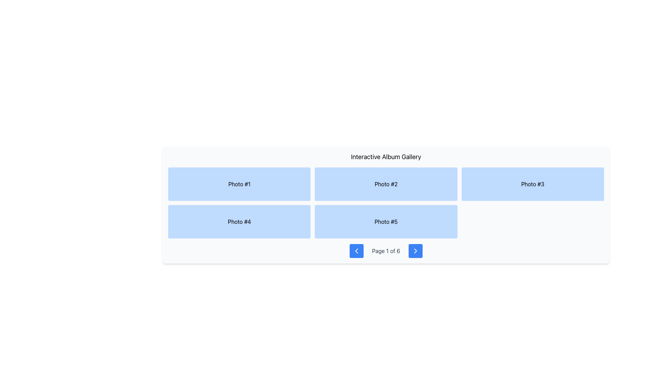 The image size is (670, 376). I want to click on the photo labeled 'Photo #5' in the 'Interactive Album Gallery' which is the fifth item in the grid layout, so click(386, 221).